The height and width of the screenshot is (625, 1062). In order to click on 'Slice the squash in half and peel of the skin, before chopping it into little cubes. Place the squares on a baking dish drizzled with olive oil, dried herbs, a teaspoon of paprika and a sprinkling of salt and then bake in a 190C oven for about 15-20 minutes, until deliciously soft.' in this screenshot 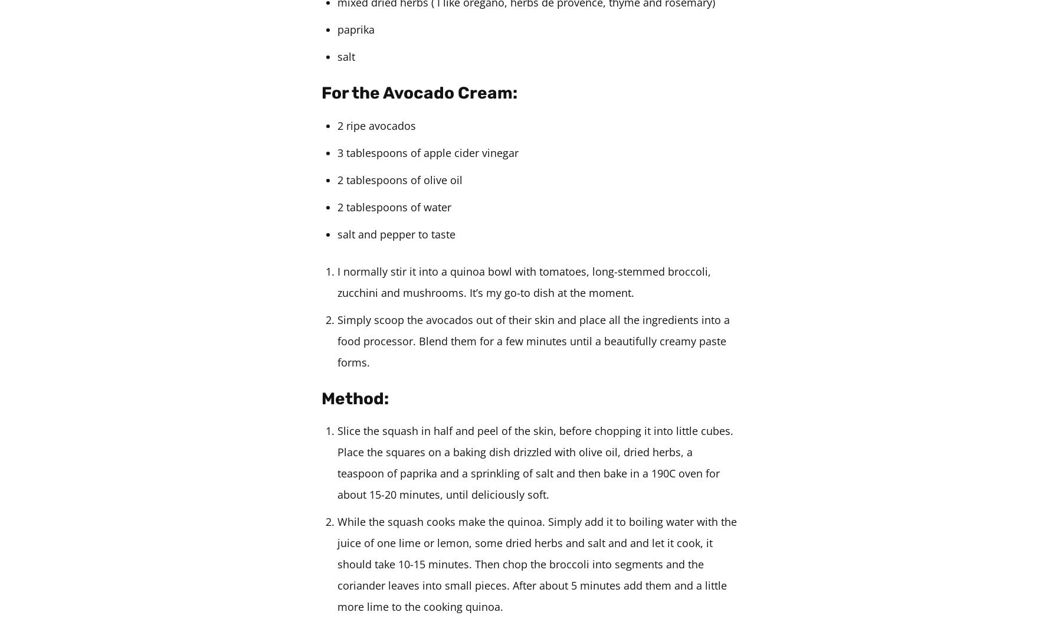, I will do `click(535, 462)`.